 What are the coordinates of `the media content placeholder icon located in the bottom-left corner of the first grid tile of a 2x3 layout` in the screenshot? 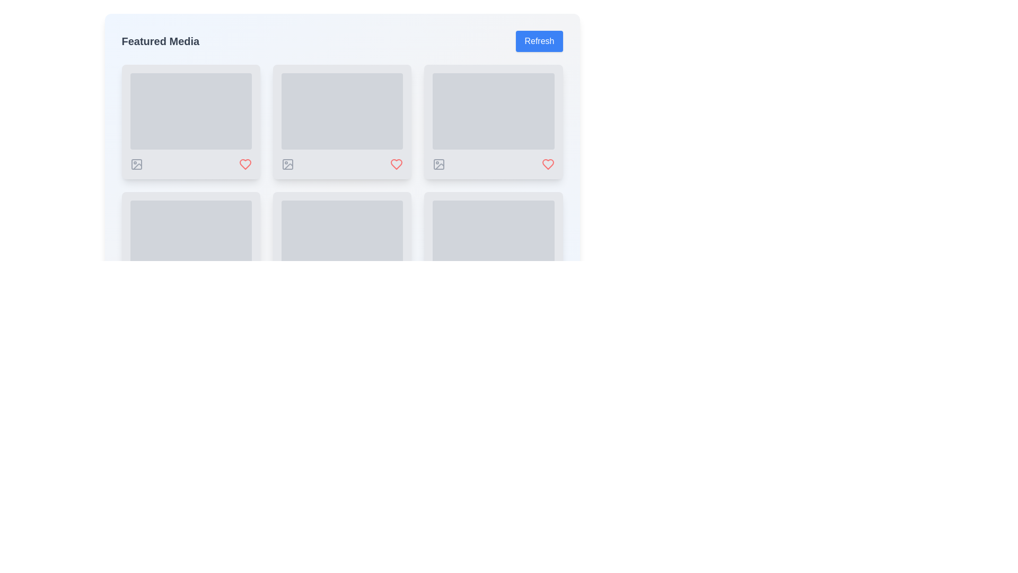 It's located at (136, 164).